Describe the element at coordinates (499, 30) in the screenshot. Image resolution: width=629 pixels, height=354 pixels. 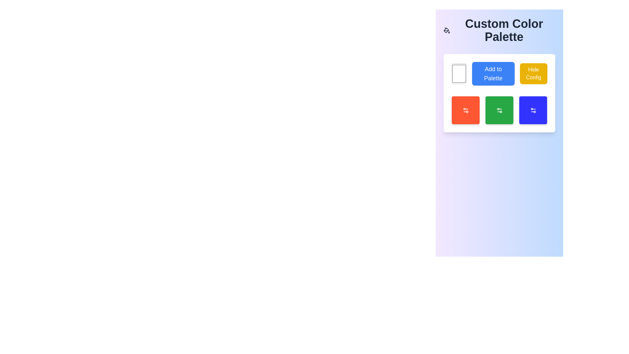
I see `the heading text element that provides users with a clear understanding of the custom color palette section` at that location.